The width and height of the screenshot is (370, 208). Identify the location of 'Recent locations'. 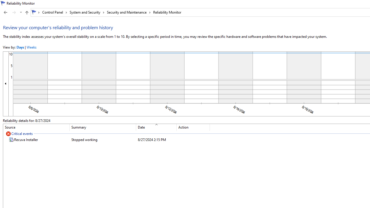
(21, 12).